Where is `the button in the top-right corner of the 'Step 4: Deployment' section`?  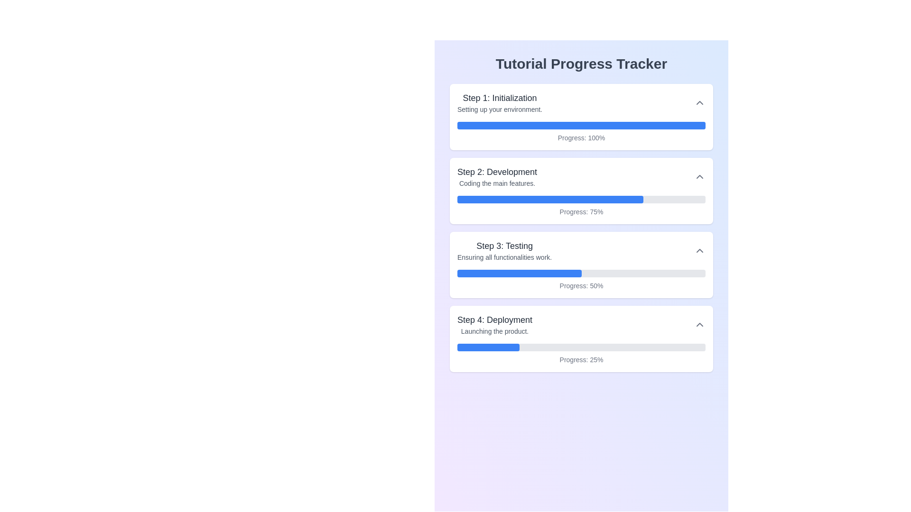
the button in the top-right corner of the 'Step 4: Deployment' section is located at coordinates (699, 324).